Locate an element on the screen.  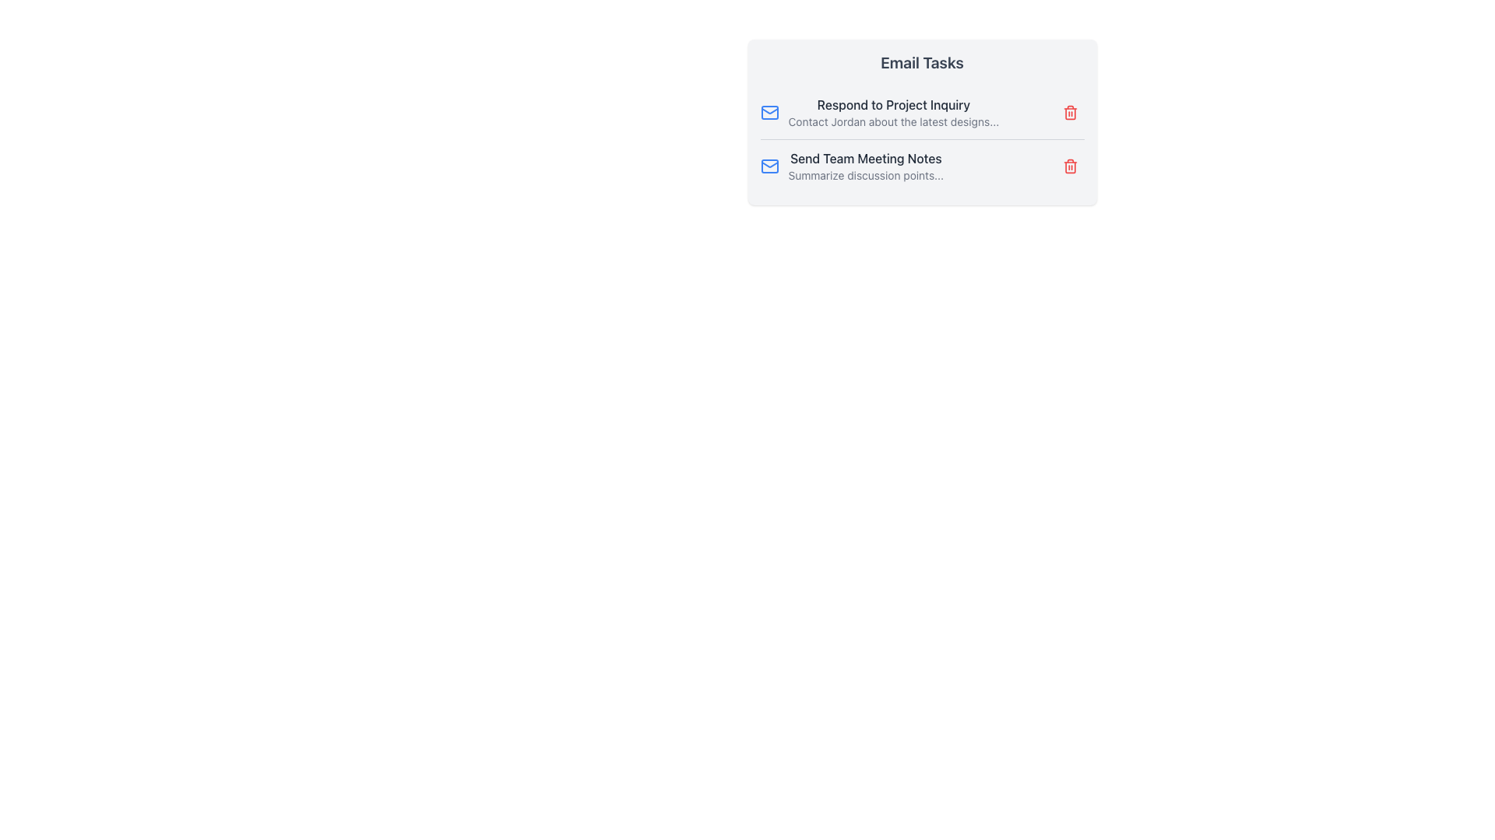
the text label that provides a descriptive hint or subtitle related to the email task, positioned directly below the 'Send Team Meeting Notes' title in the 'Email Tasks' section is located at coordinates (865, 175).